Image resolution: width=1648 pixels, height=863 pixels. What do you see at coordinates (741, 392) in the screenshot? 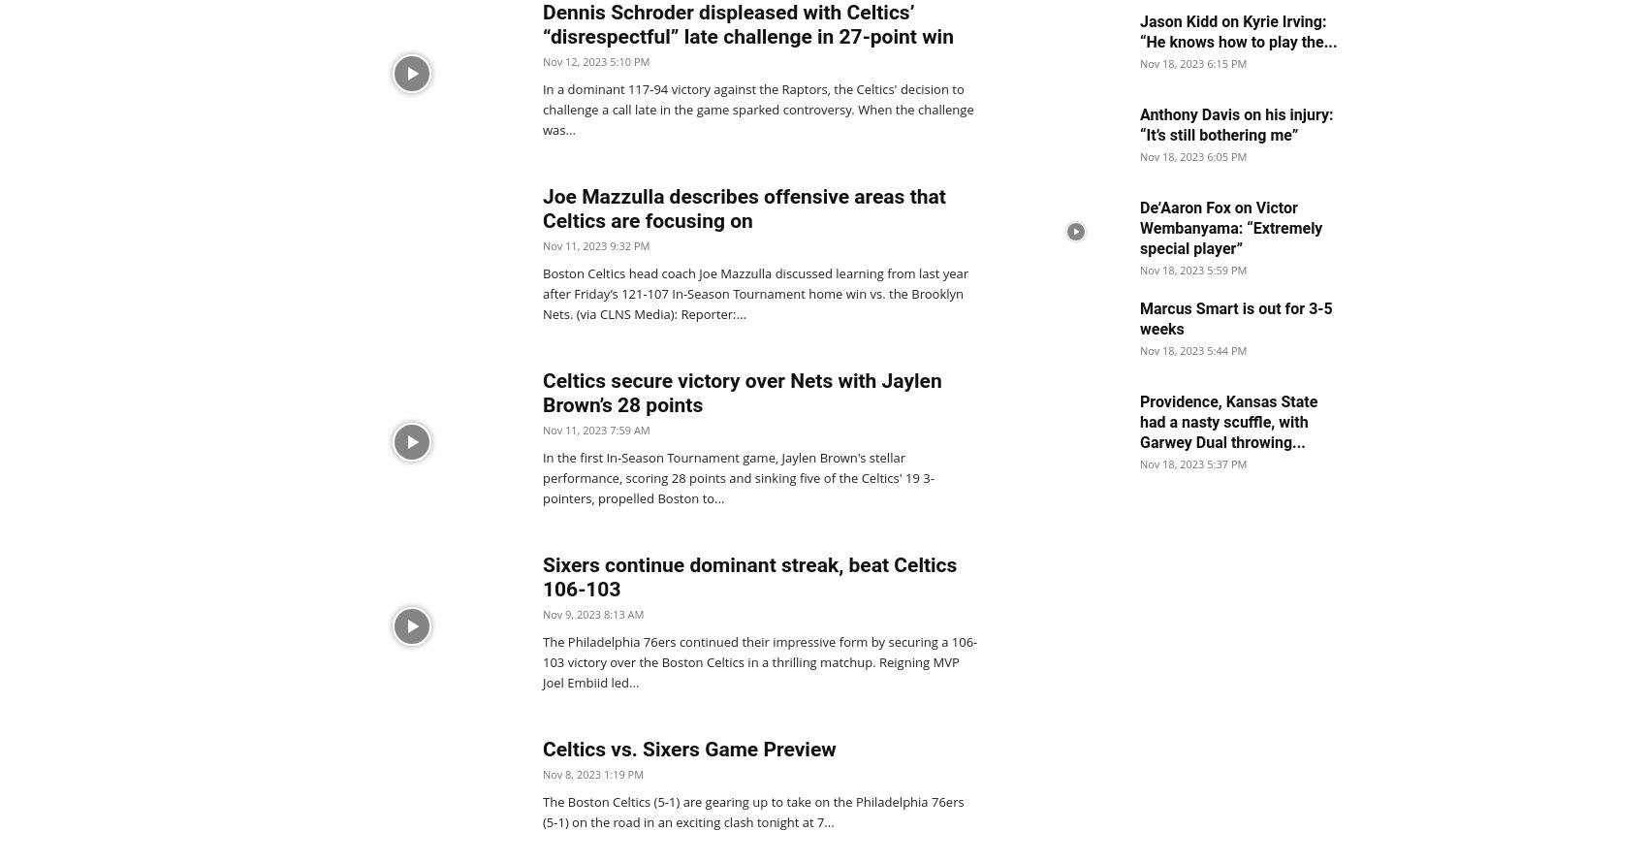
I see `'Celtics secure victory over Nets with Jaylen Brown’s 28 points'` at bounding box center [741, 392].